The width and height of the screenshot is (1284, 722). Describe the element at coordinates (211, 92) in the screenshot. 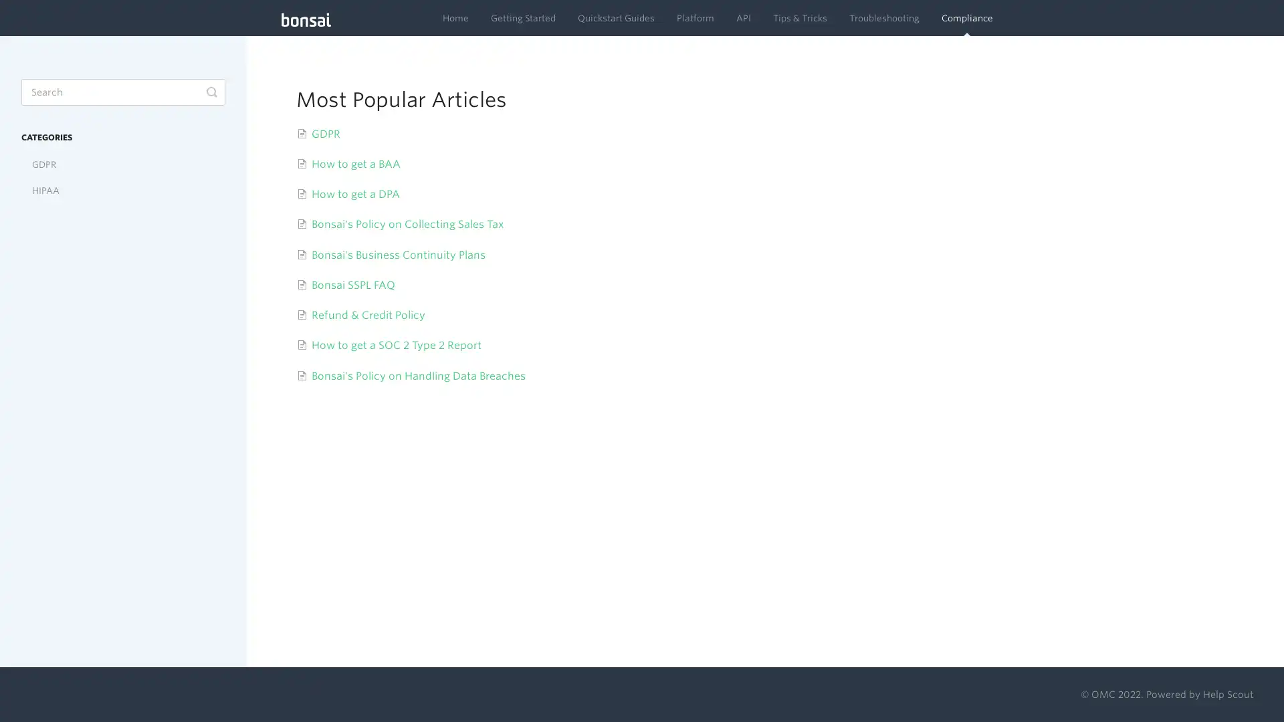

I see `Toggle Search` at that location.